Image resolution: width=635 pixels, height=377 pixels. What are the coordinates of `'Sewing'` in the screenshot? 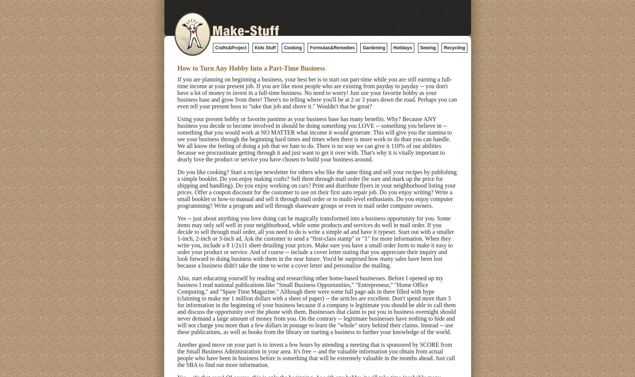 It's located at (427, 47).